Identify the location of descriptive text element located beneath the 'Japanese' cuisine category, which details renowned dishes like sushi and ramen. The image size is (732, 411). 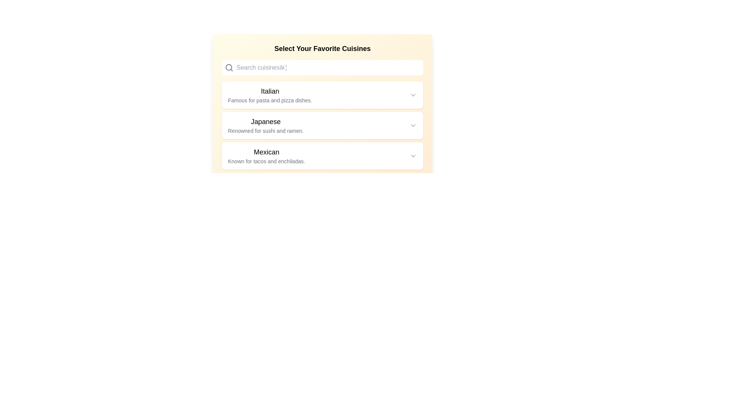
(266, 130).